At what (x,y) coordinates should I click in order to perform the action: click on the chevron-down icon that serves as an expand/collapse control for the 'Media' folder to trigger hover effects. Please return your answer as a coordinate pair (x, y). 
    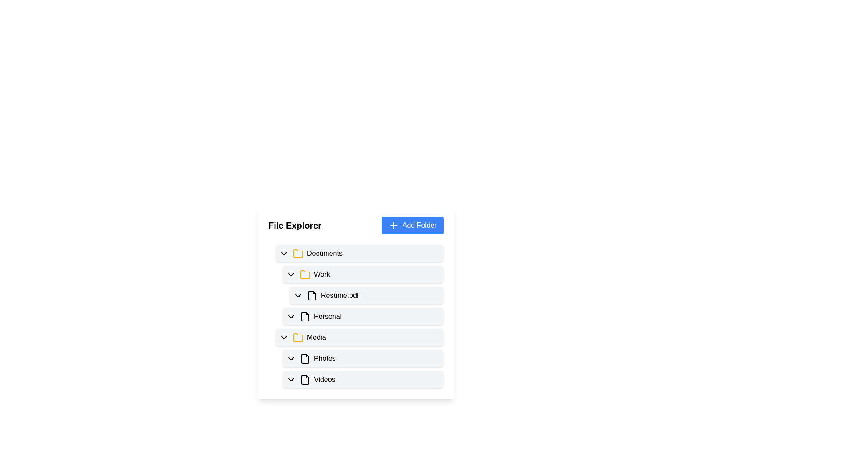
    Looking at the image, I should click on (284, 337).